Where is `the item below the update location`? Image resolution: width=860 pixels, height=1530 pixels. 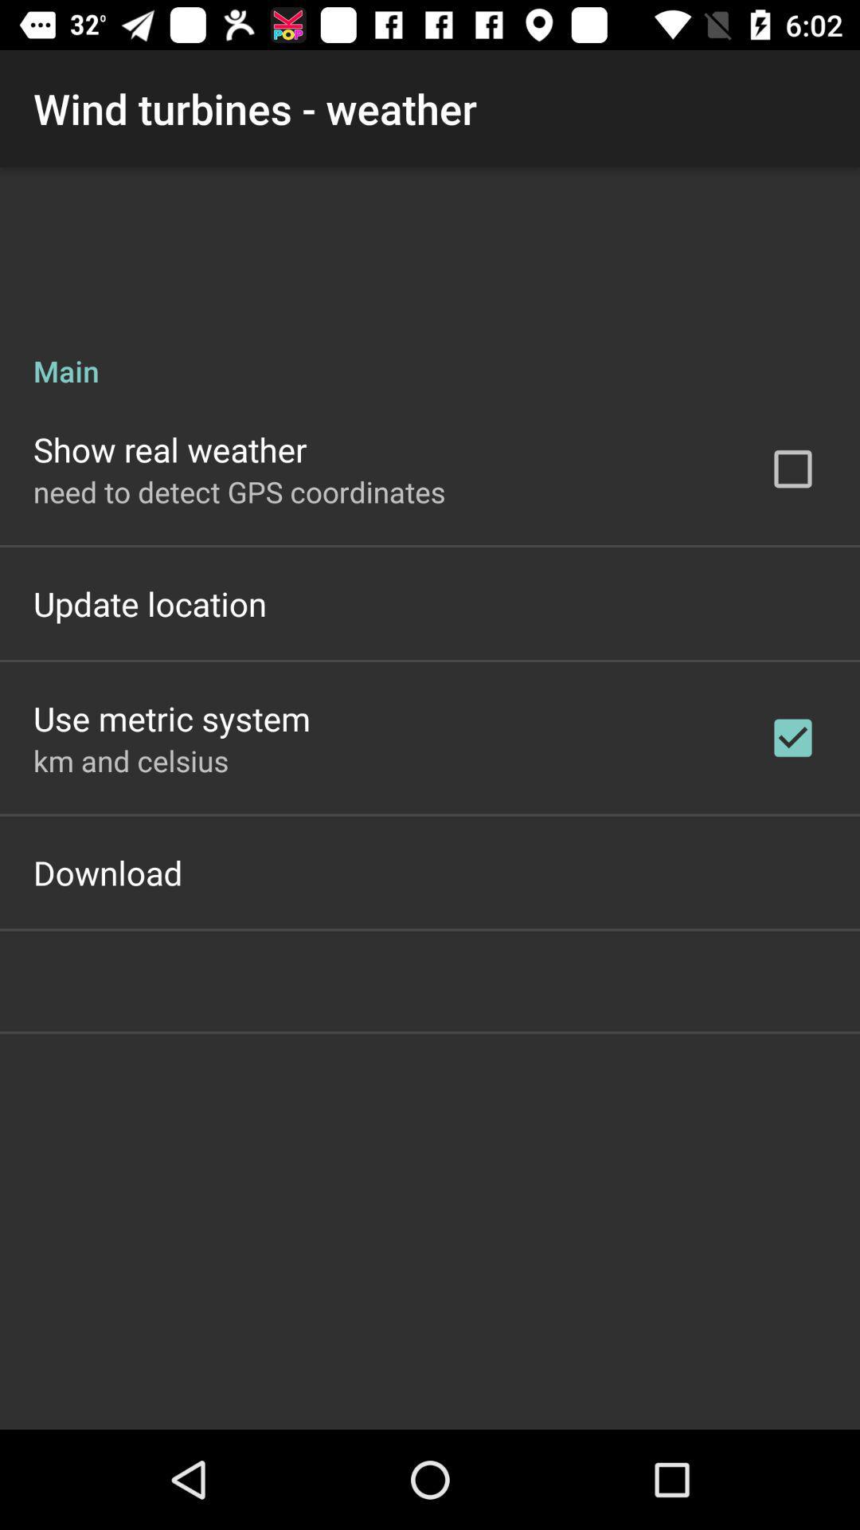
the item below the update location is located at coordinates (172, 717).